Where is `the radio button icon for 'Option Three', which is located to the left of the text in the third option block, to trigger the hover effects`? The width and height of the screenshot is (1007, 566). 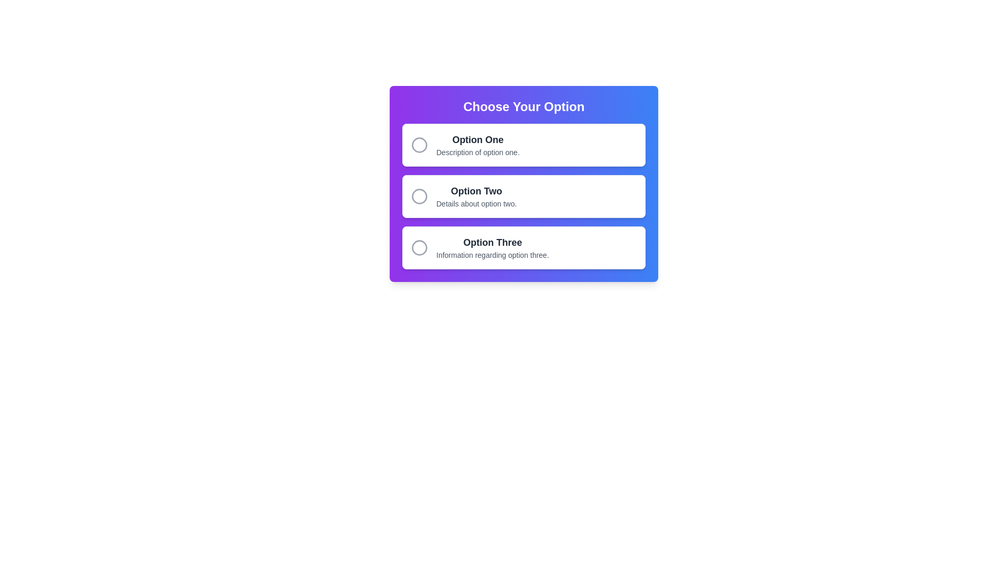 the radio button icon for 'Option Three', which is located to the left of the text in the third option block, to trigger the hover effects is located at coordinates (420, 248).